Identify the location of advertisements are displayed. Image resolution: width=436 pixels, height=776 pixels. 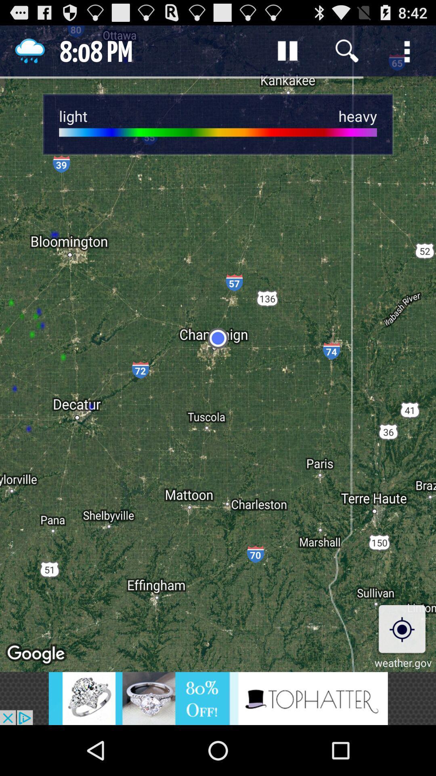
(218, 698).